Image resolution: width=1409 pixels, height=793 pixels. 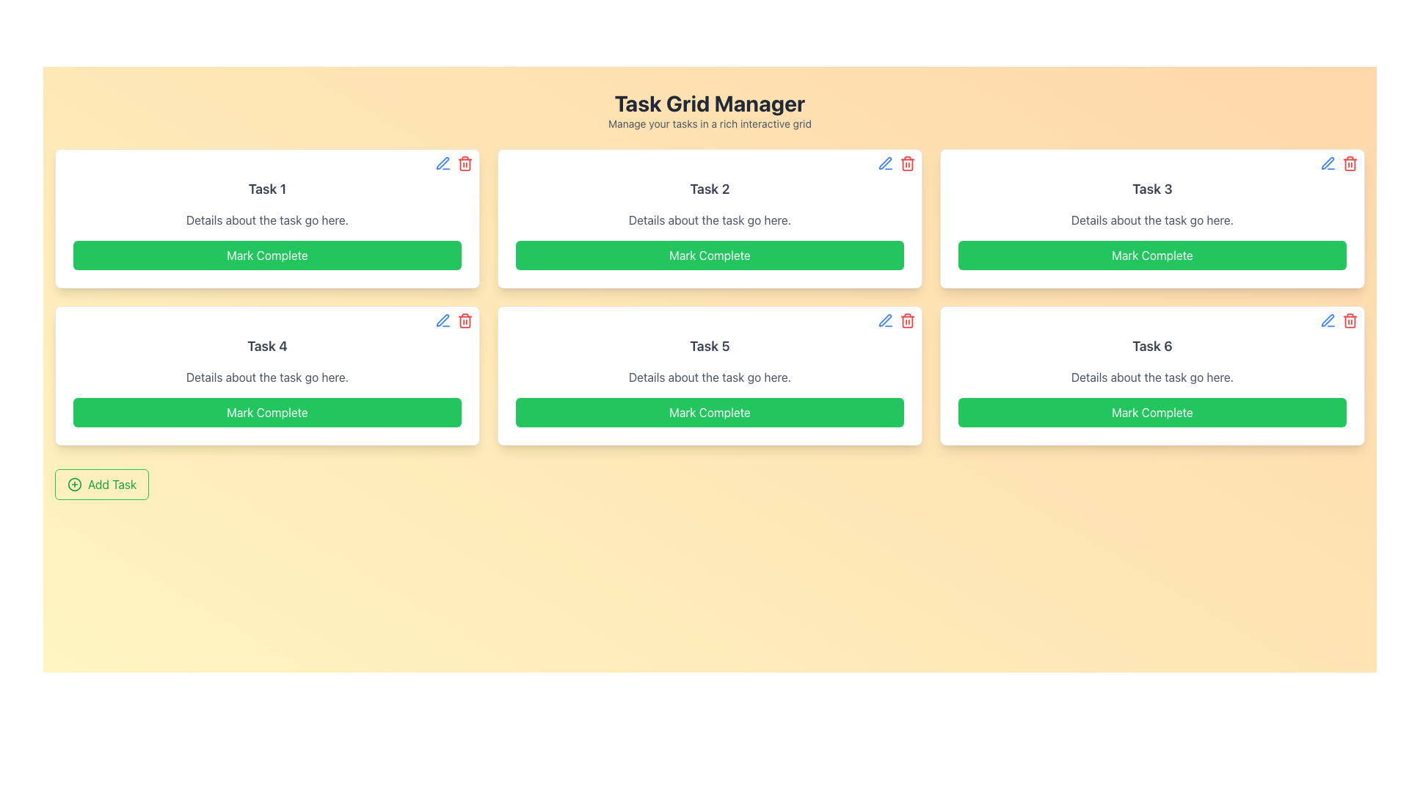 I want to click on the static text label displaying 'Task 1' located in the upper section of the first task card, so click(x=267, y=189).